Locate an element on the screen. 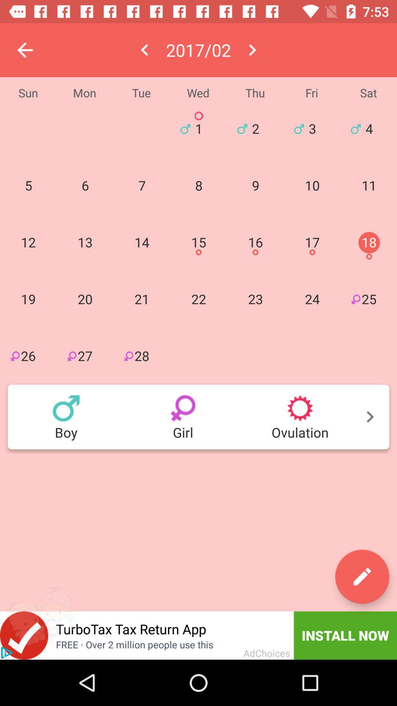 The height and width of the screenshot is (706, 397). the play icon is located at coordinates (7, 653).